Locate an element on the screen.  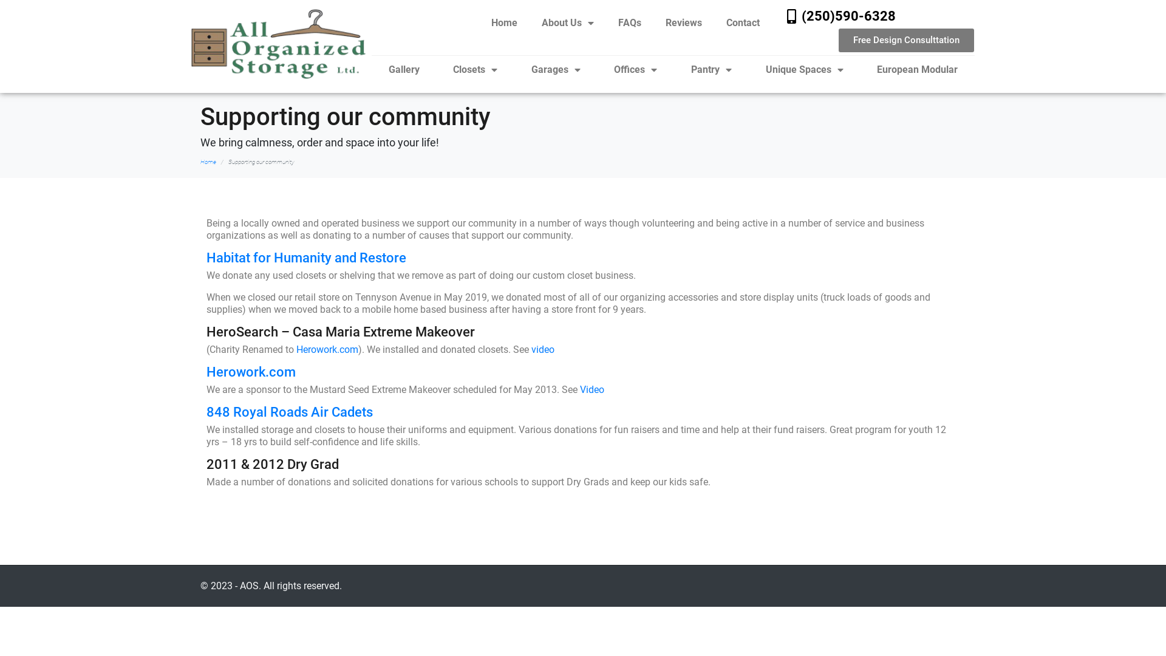
'848 Royal Roads Air Cadets' is located at coordinates (288, 411).